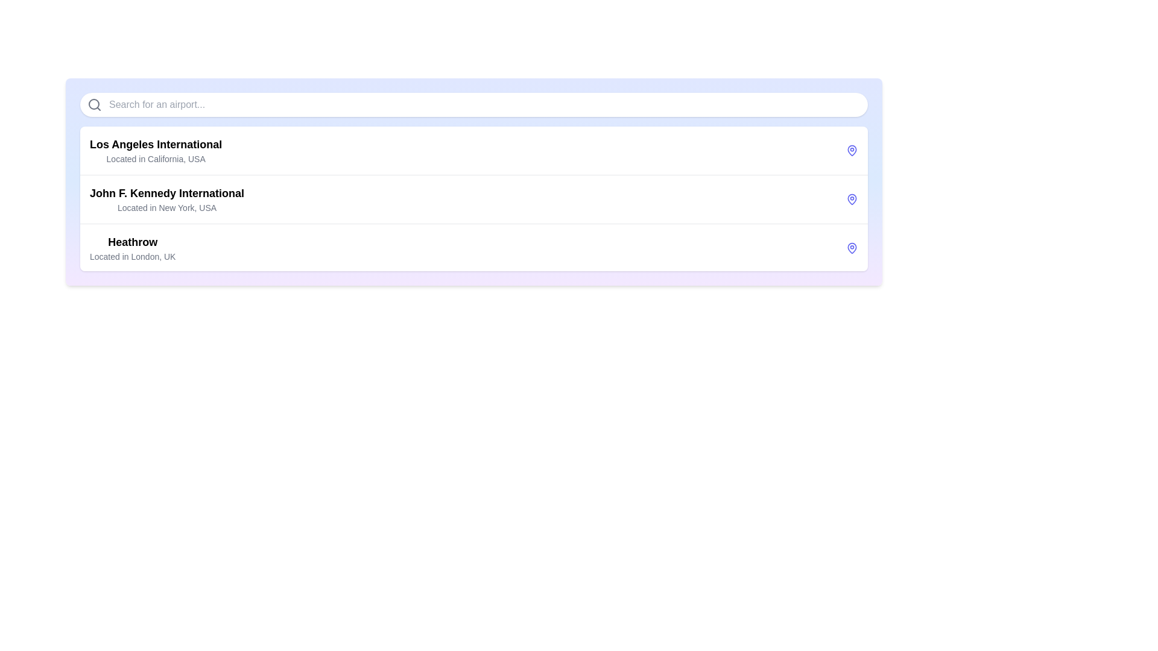  I want to click on the geographical location icon located in the top-right corner of the row displaying 'Heathrow Located in London, UK', so click(851, 248).